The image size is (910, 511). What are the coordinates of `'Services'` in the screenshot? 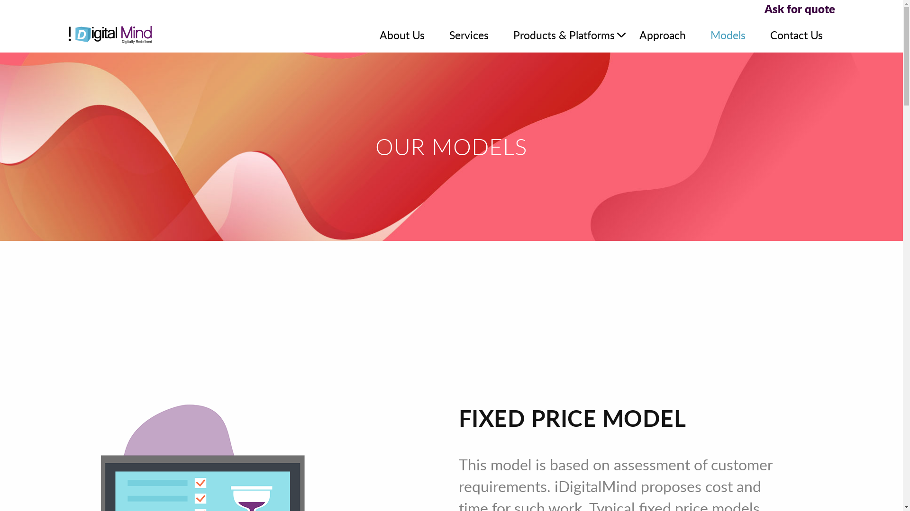 It's located at (436, 34).